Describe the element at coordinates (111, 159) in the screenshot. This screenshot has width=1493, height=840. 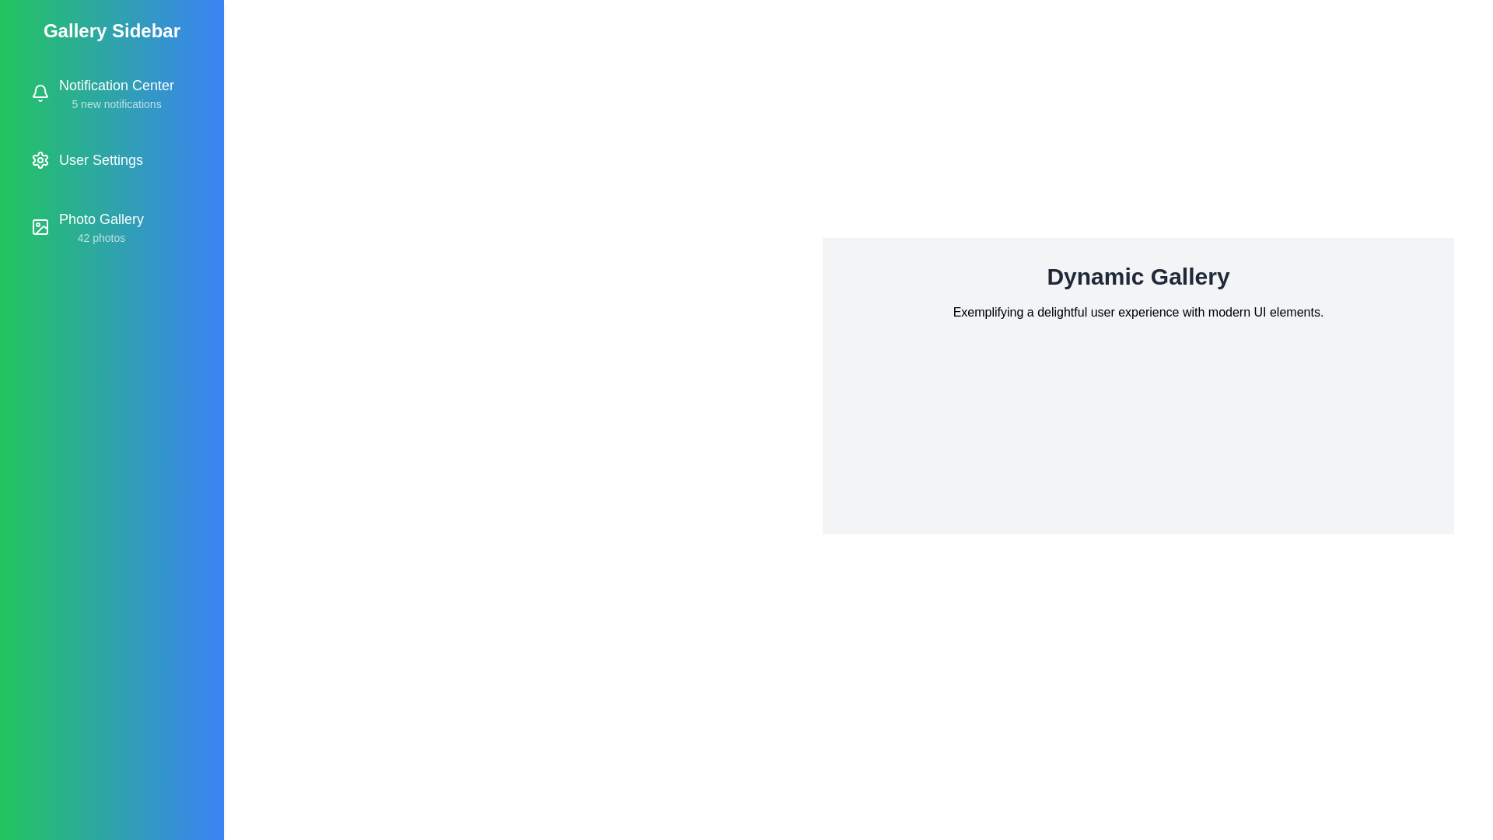
I see `the 'User Settings' item in the sidebar` at that location.